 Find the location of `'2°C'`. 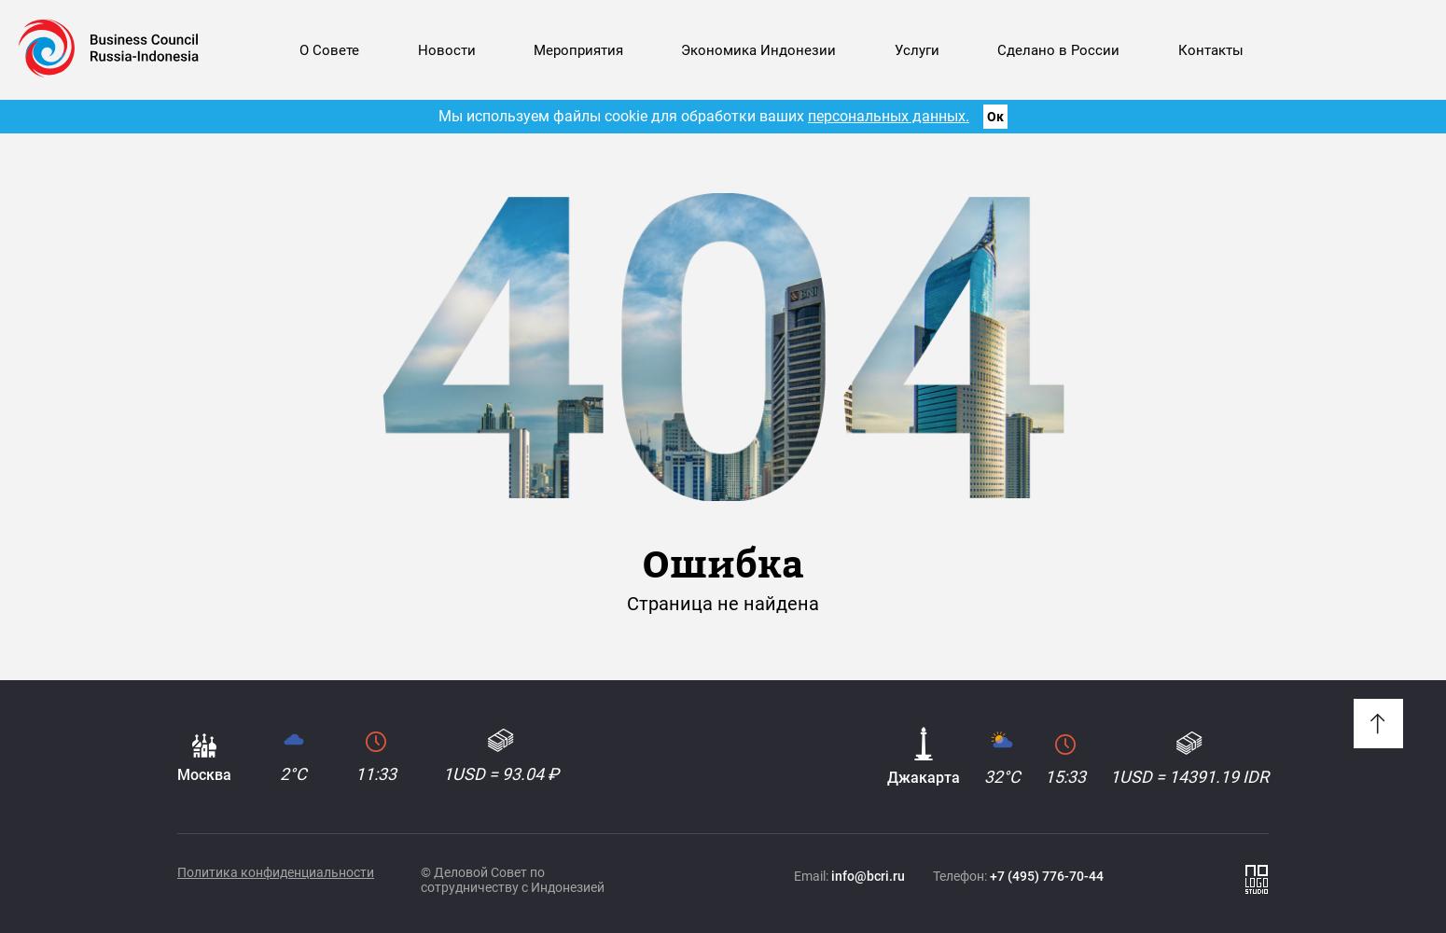

'2°C' is located at coordinates (291, 773).